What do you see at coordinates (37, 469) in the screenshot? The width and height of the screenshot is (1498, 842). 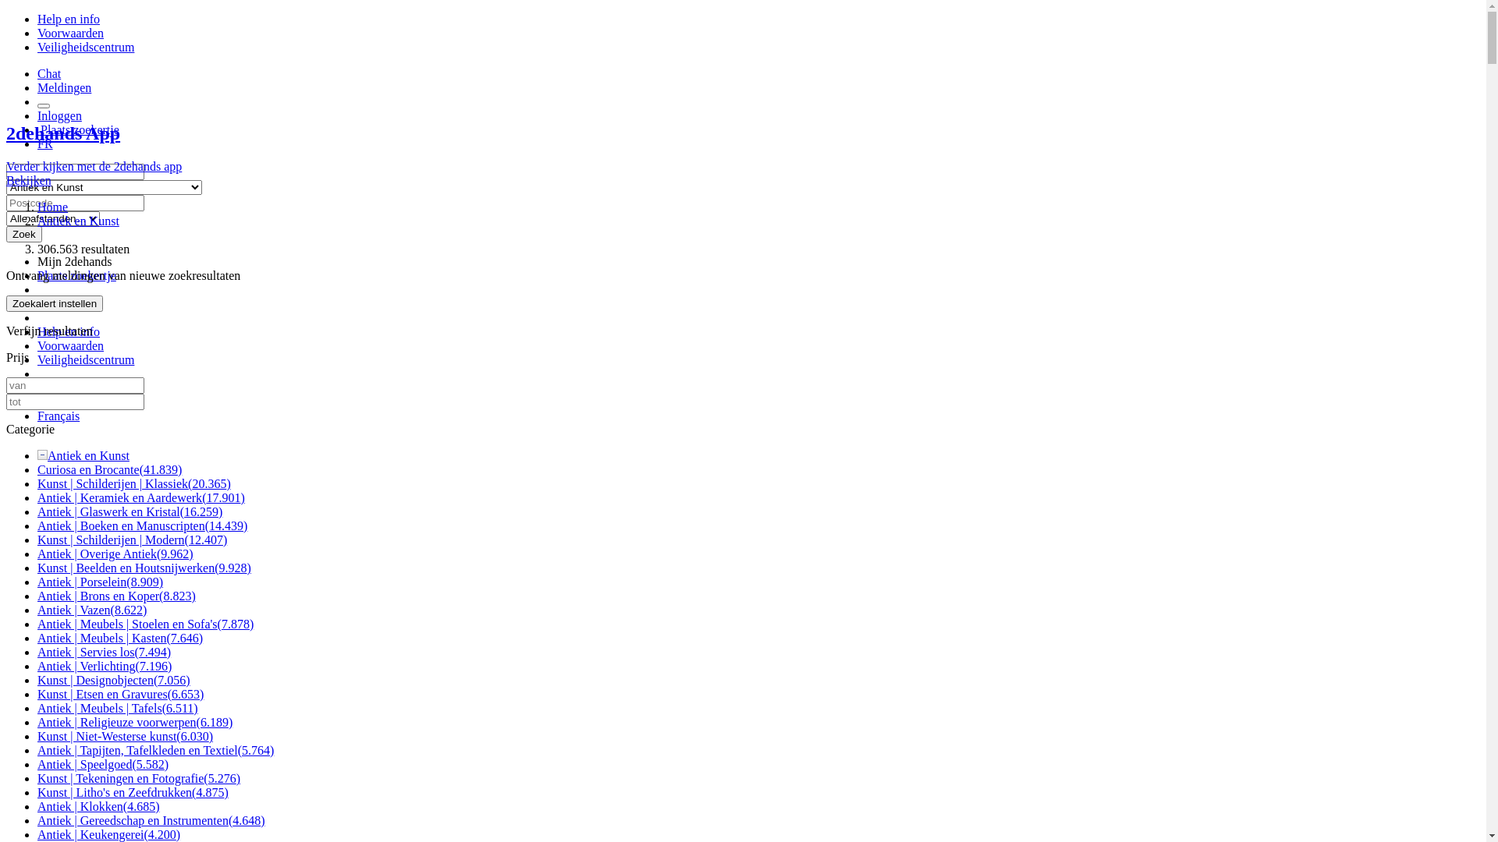 I see `'Curiosa en Brocante(41.839)'` at bounding box center [37, 469].